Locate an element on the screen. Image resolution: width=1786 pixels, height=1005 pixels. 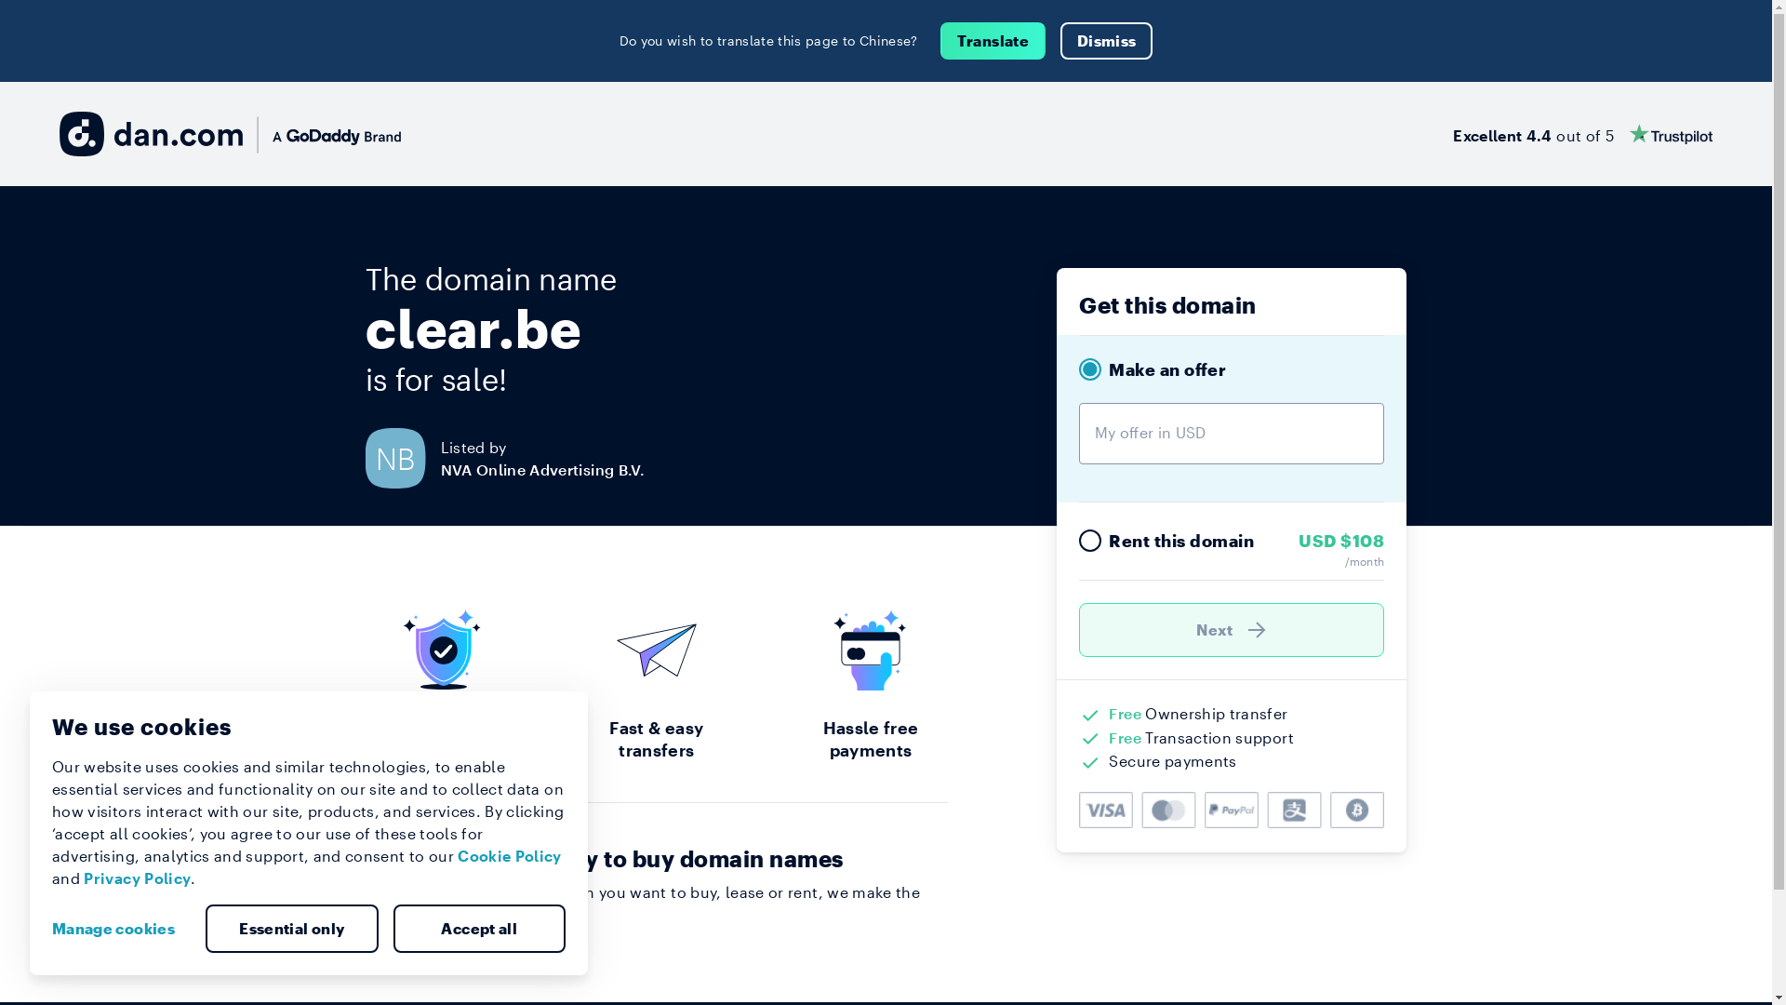
'Cookie Policy' is located at coordinates (509, 855).